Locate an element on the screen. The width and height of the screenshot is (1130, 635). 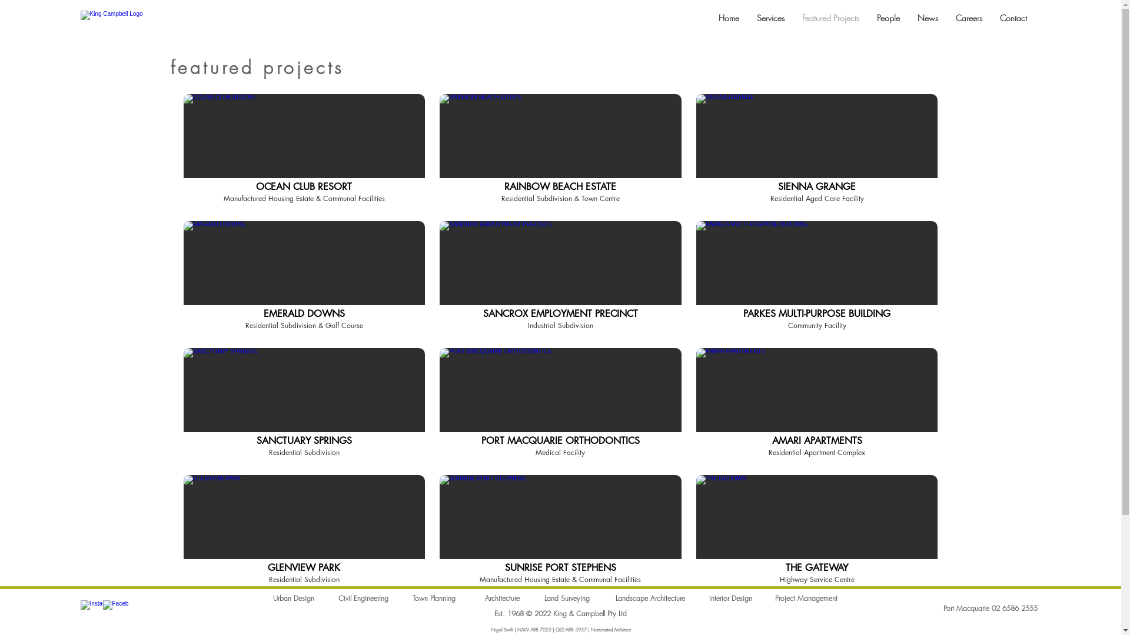
'RAINBOW BEACH ESTATE is located at coordinates (560, 149).